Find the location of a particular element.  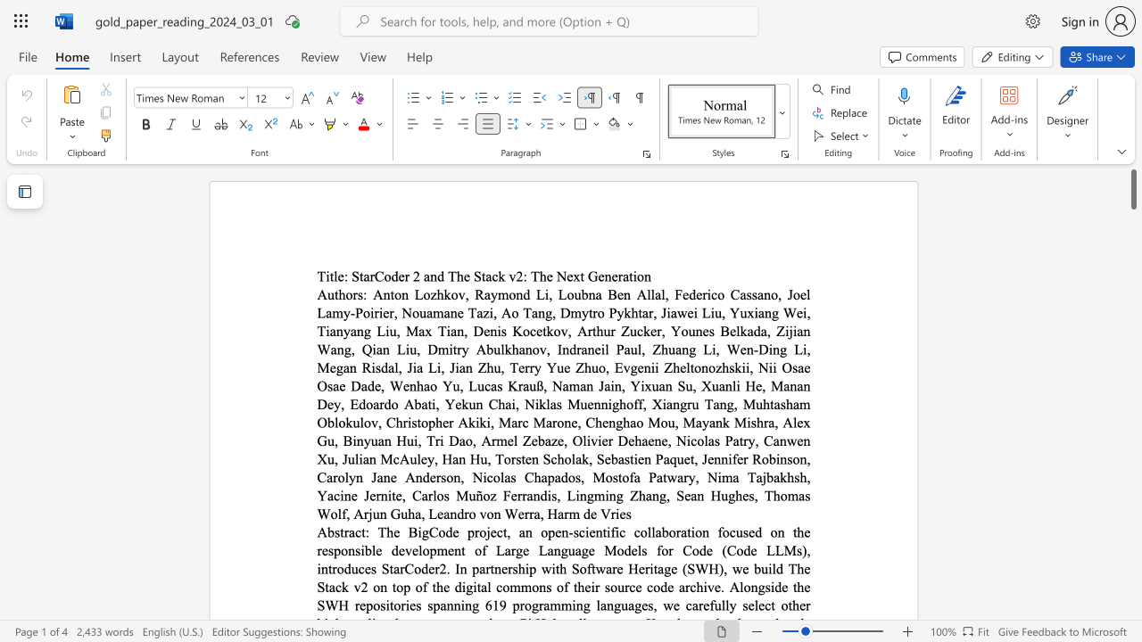

the right-hand scrollbar to descend the page is located at coordinates (1132, 562).